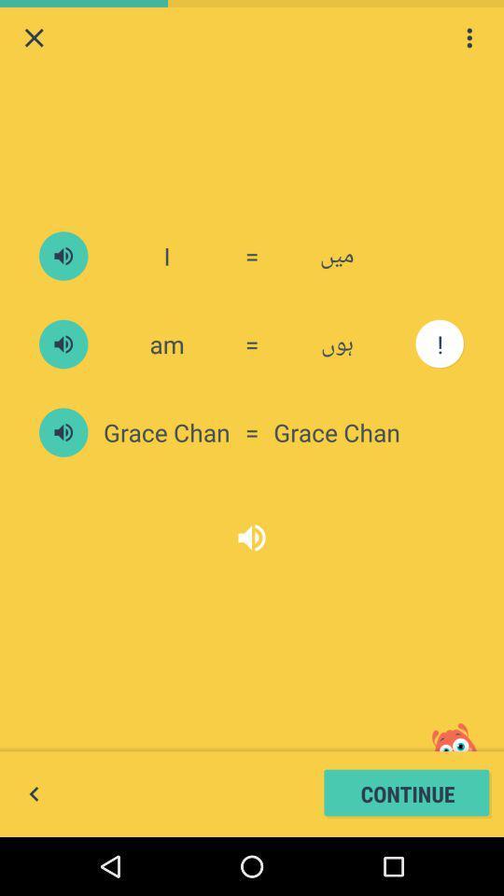  I want to click on the close icon, so click(34, 39).